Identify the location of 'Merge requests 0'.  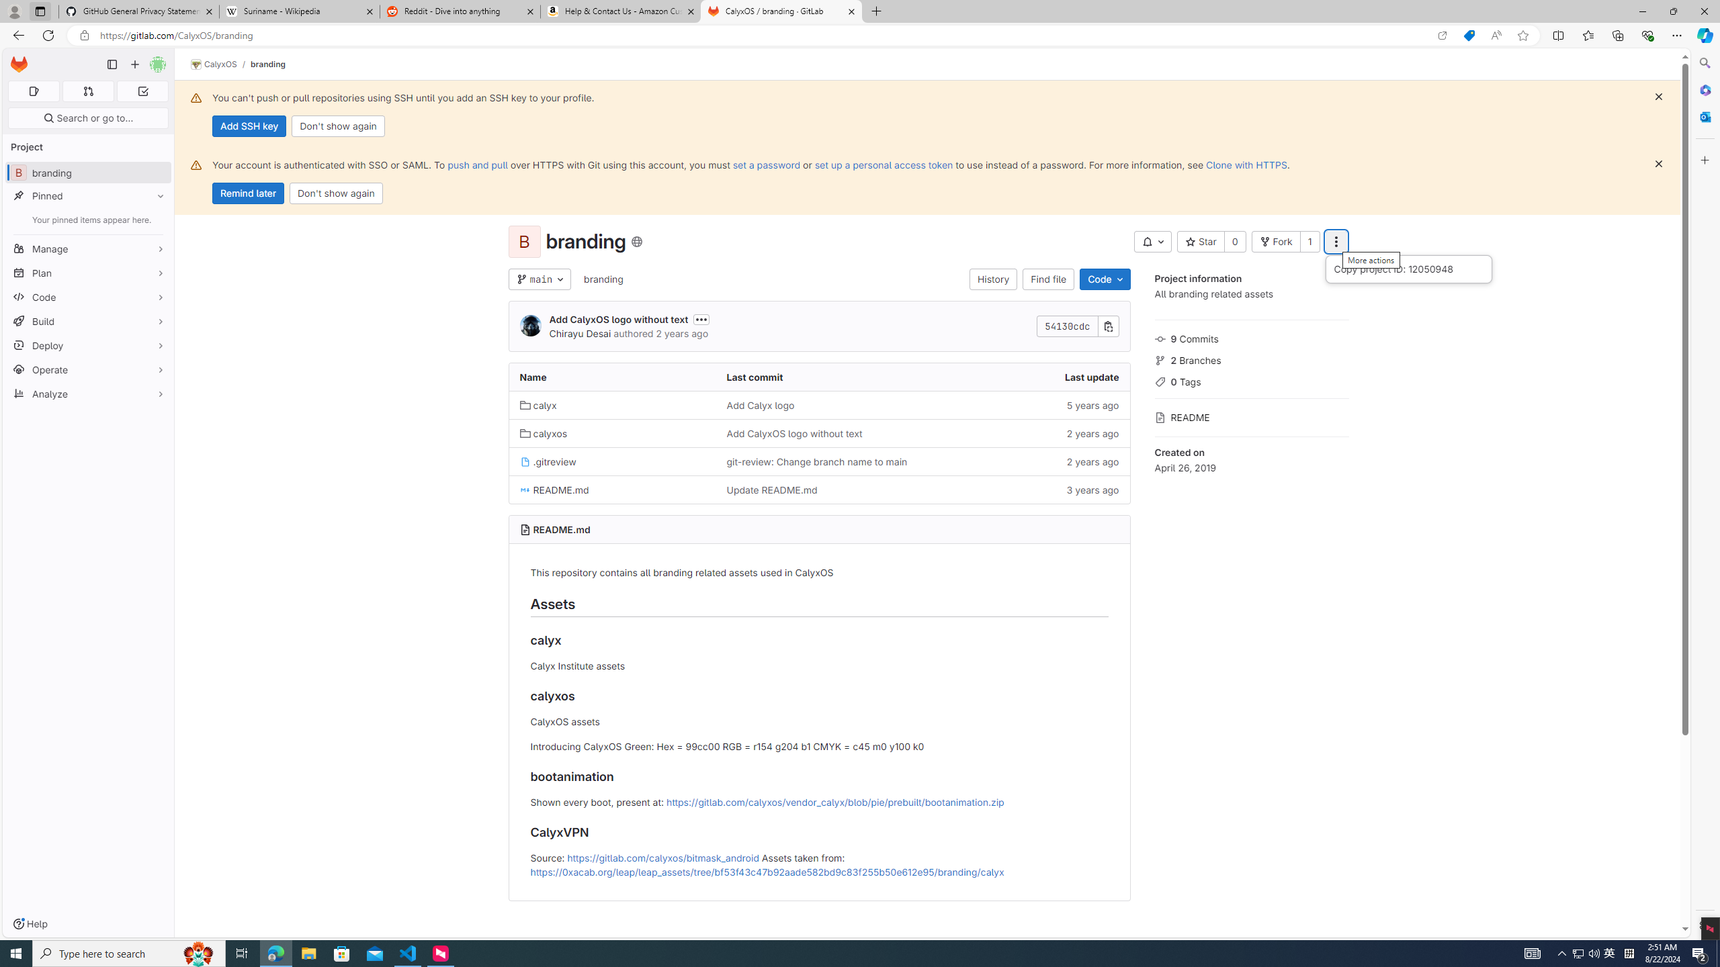
(87, 91).